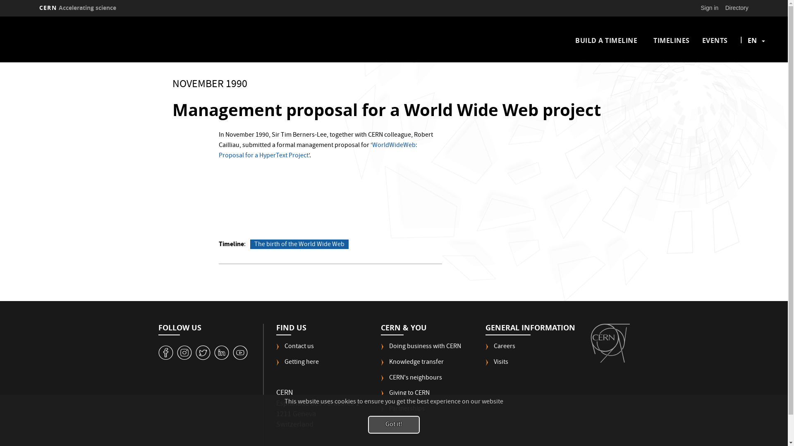  Describe the element at coordinates (295, 350) in the screenshot. I see `'Contact us'` at that location.